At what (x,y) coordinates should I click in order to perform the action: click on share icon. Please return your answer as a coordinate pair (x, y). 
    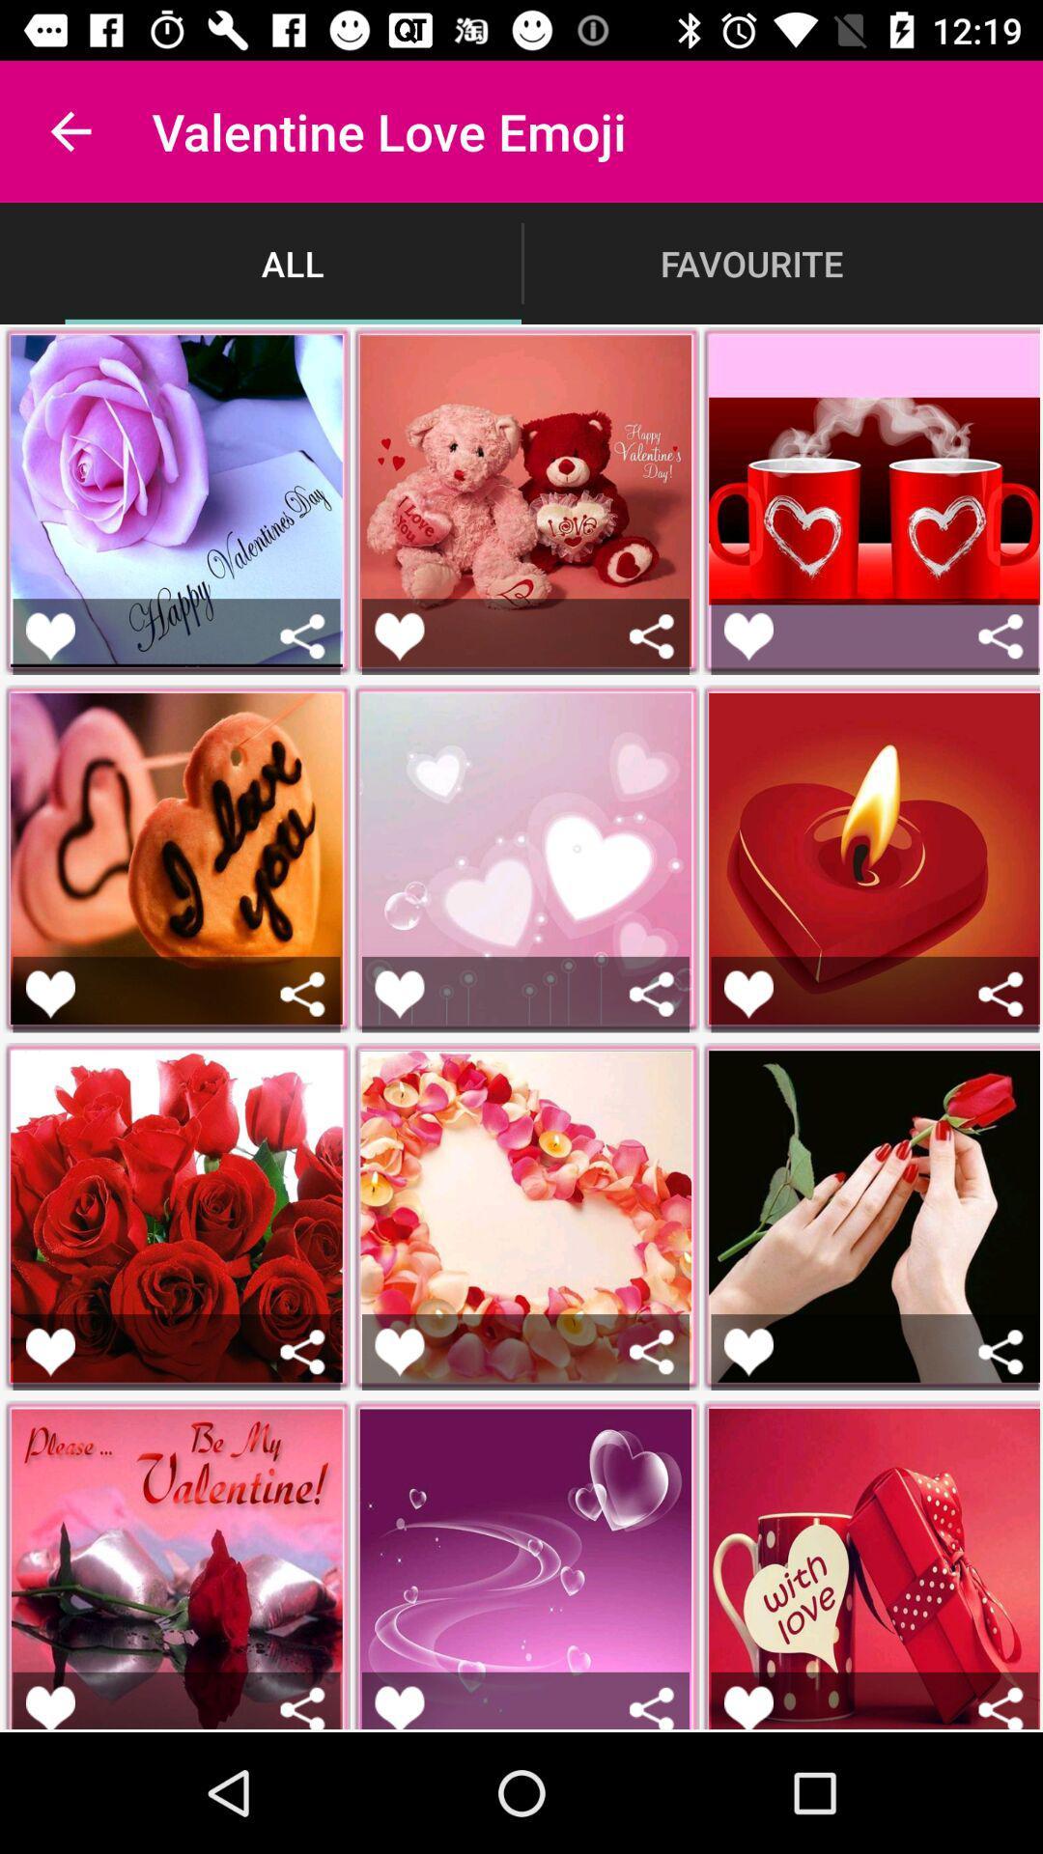
    Looking at the image, I should click on (652, 636).